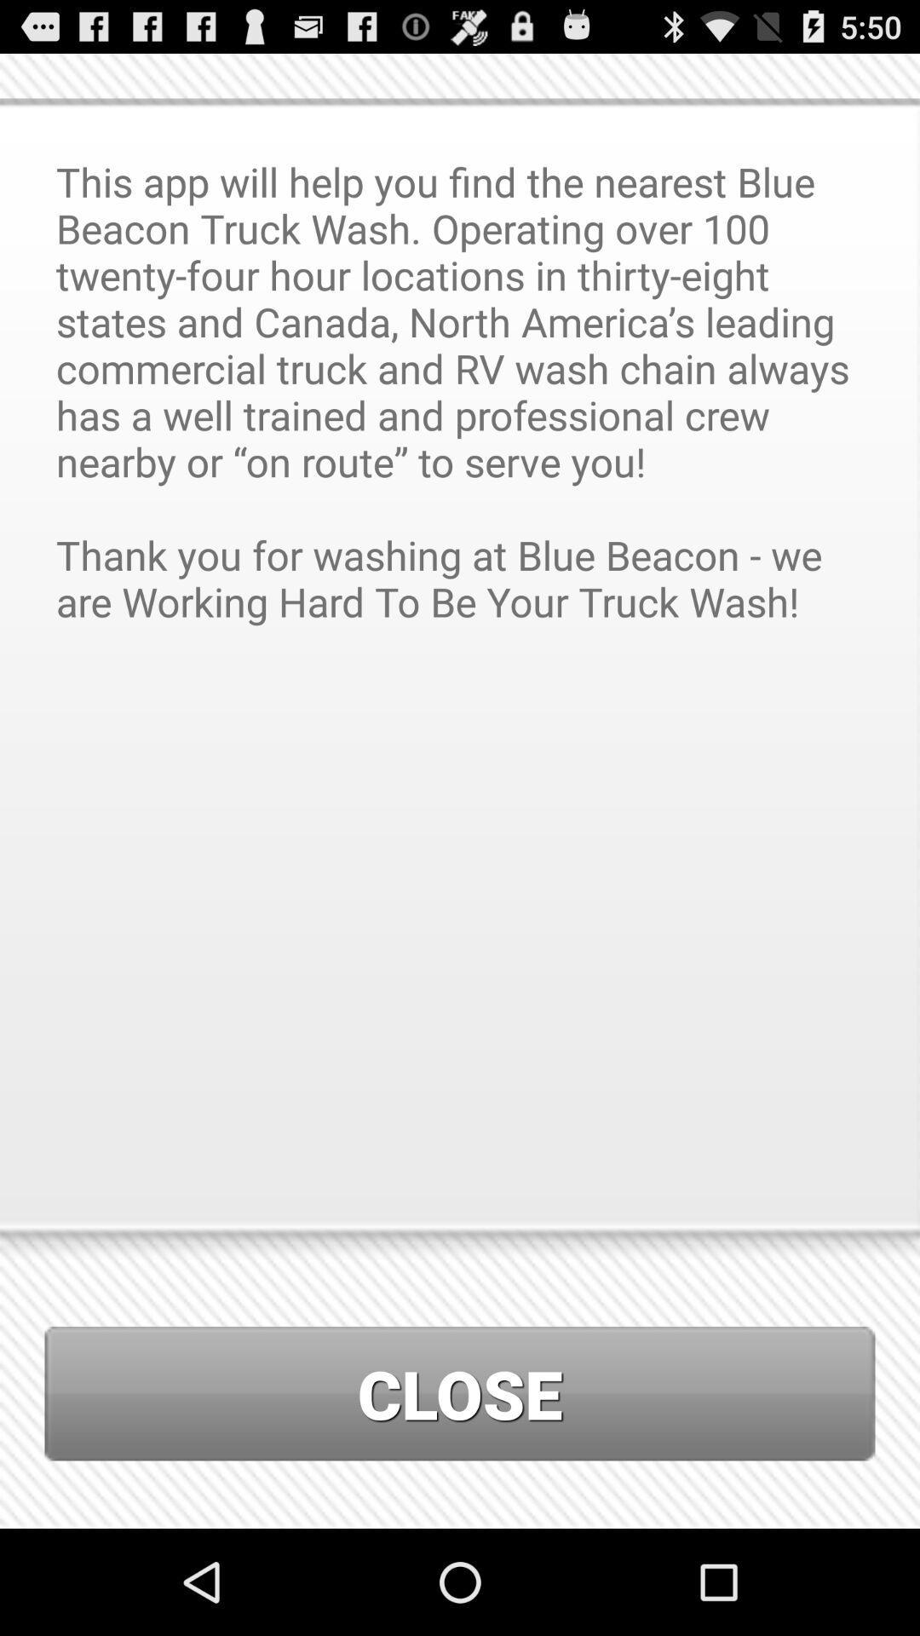  I want to click on close icon, so click(460, 1393).